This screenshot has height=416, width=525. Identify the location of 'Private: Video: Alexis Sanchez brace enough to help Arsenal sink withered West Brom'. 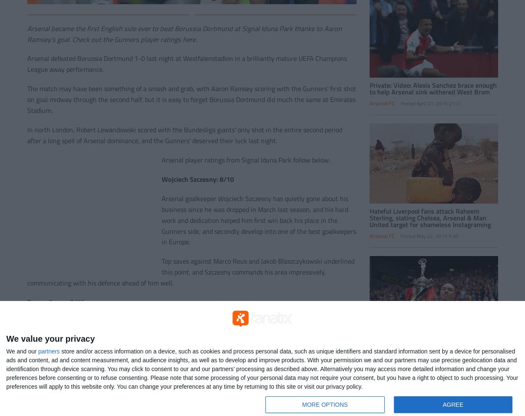
(369, 87).